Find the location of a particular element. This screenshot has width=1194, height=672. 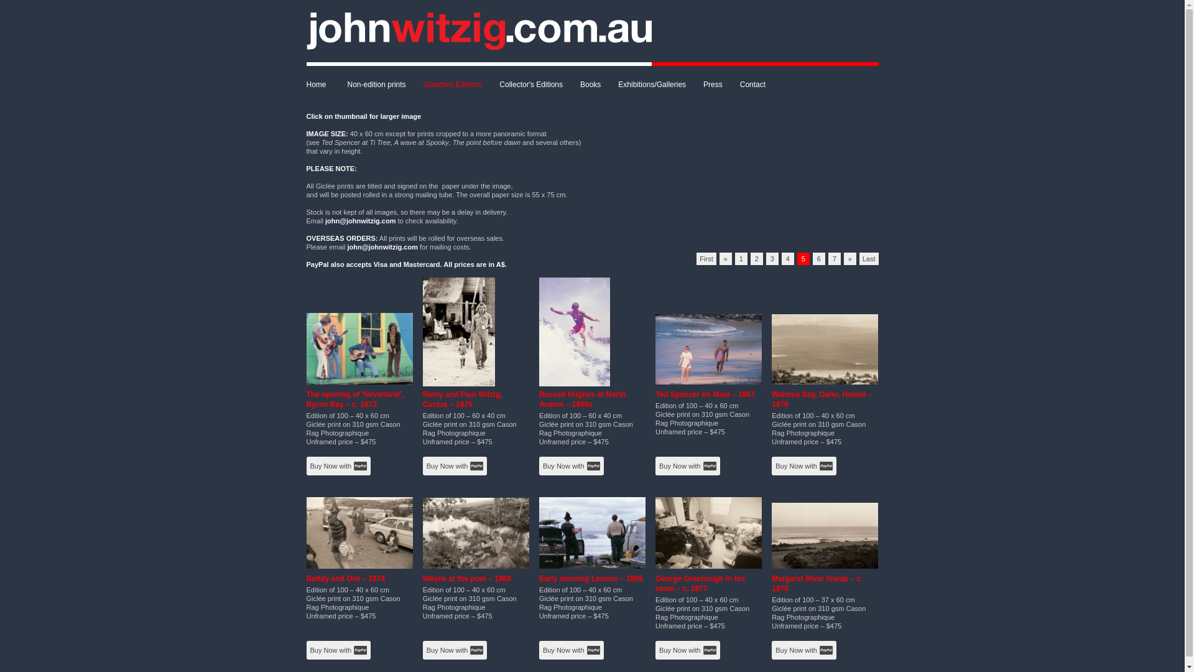

'Buy Now with' is located at coordinates (454, 465).